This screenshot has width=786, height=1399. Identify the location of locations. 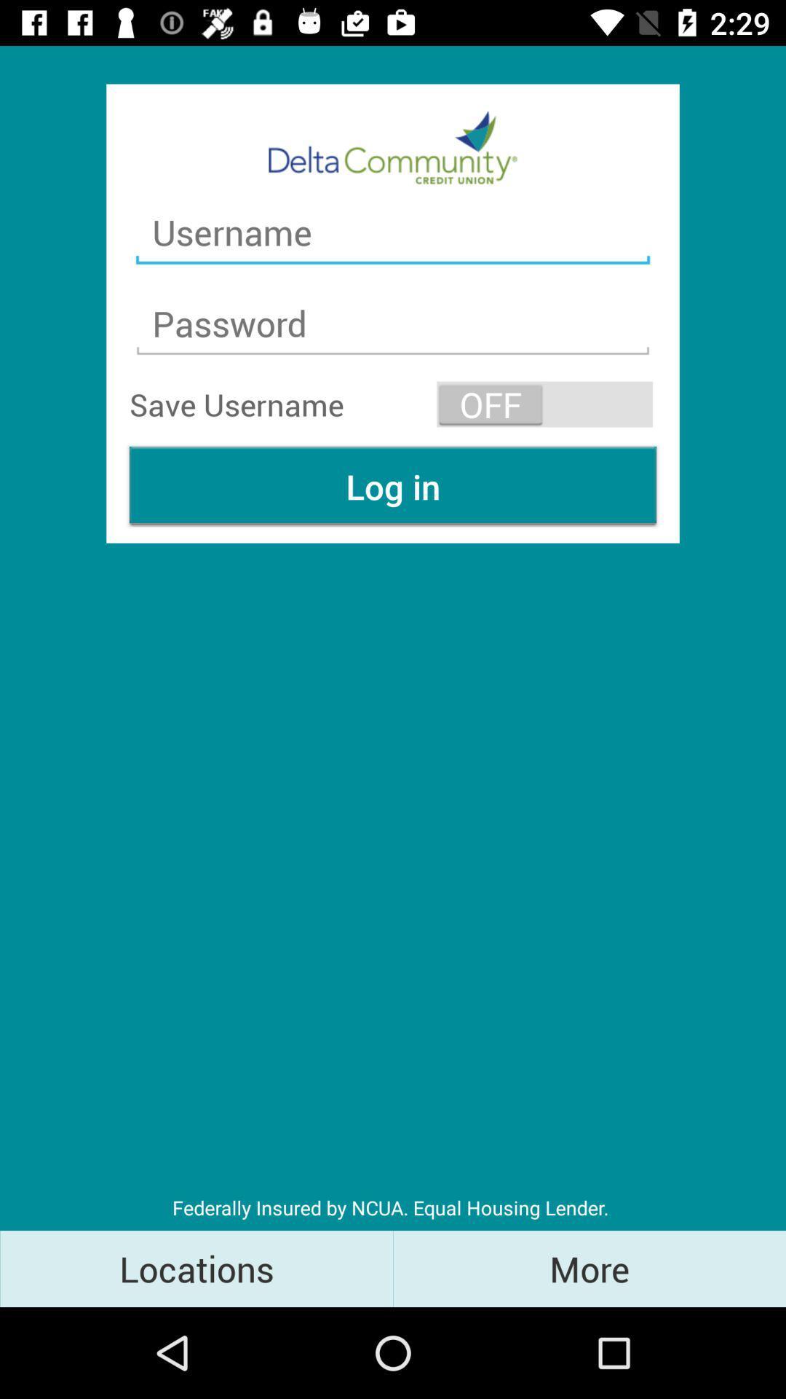
(196, 1268).